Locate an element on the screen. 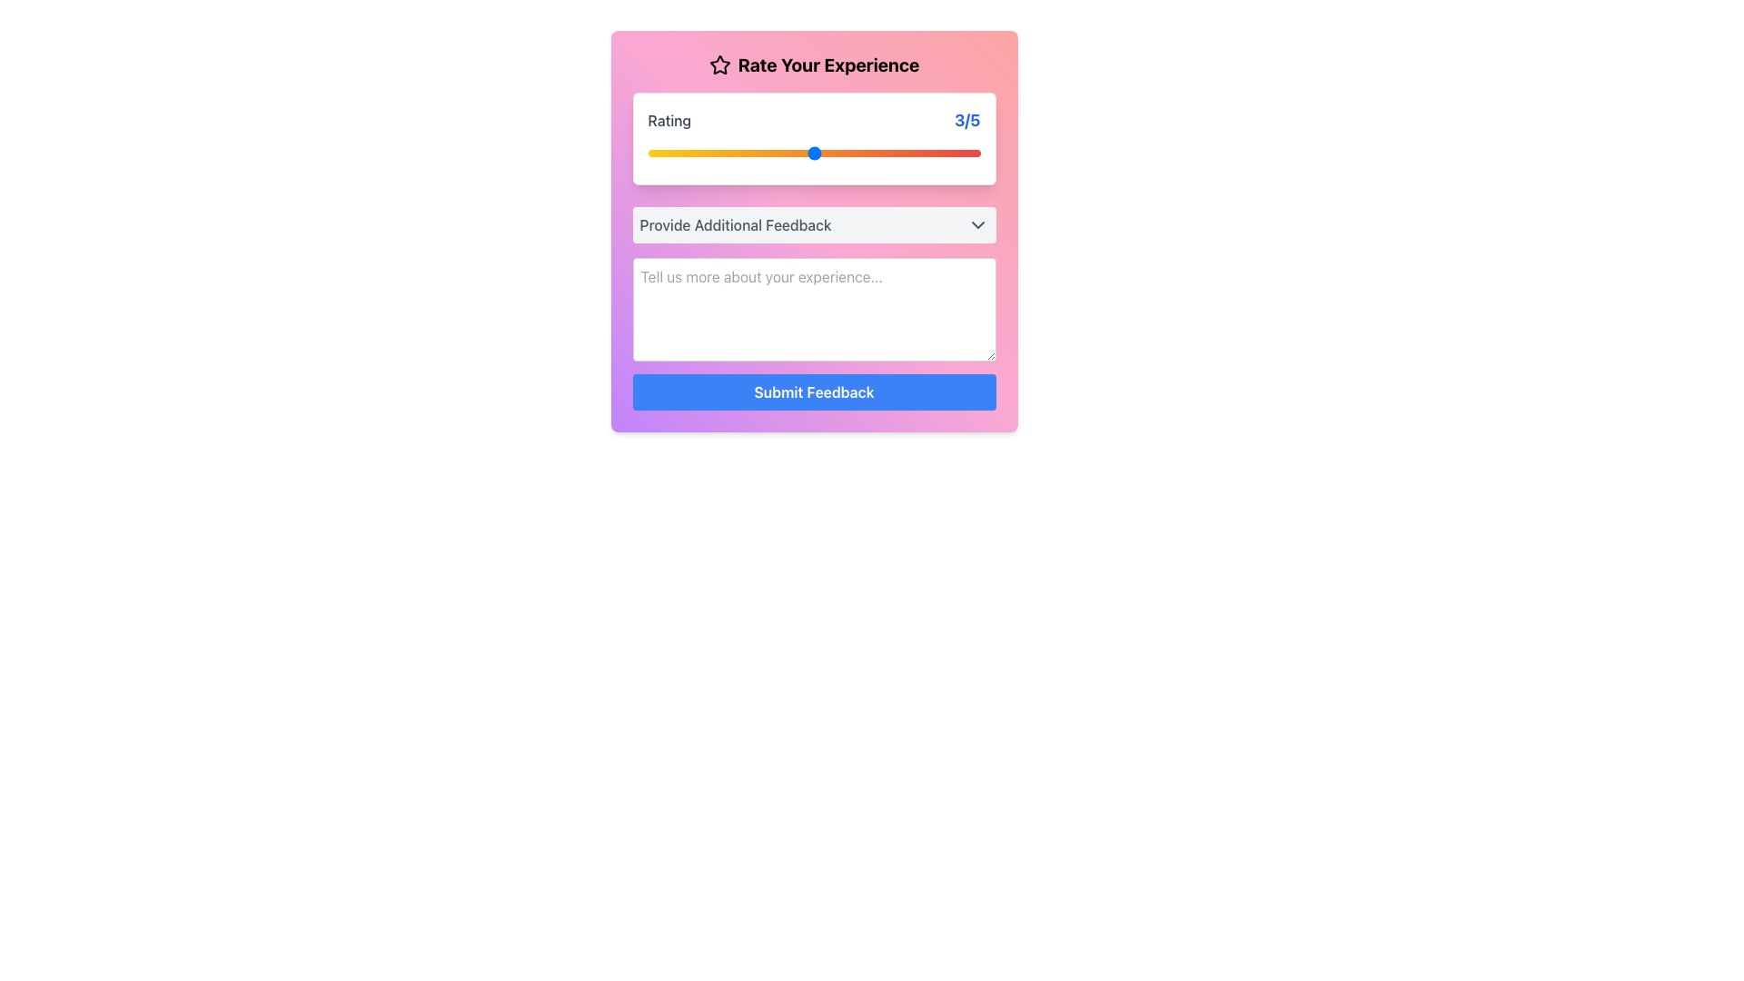 This screenshot has width=1744, height=981. rating slider is located at coordinates (731, 153).